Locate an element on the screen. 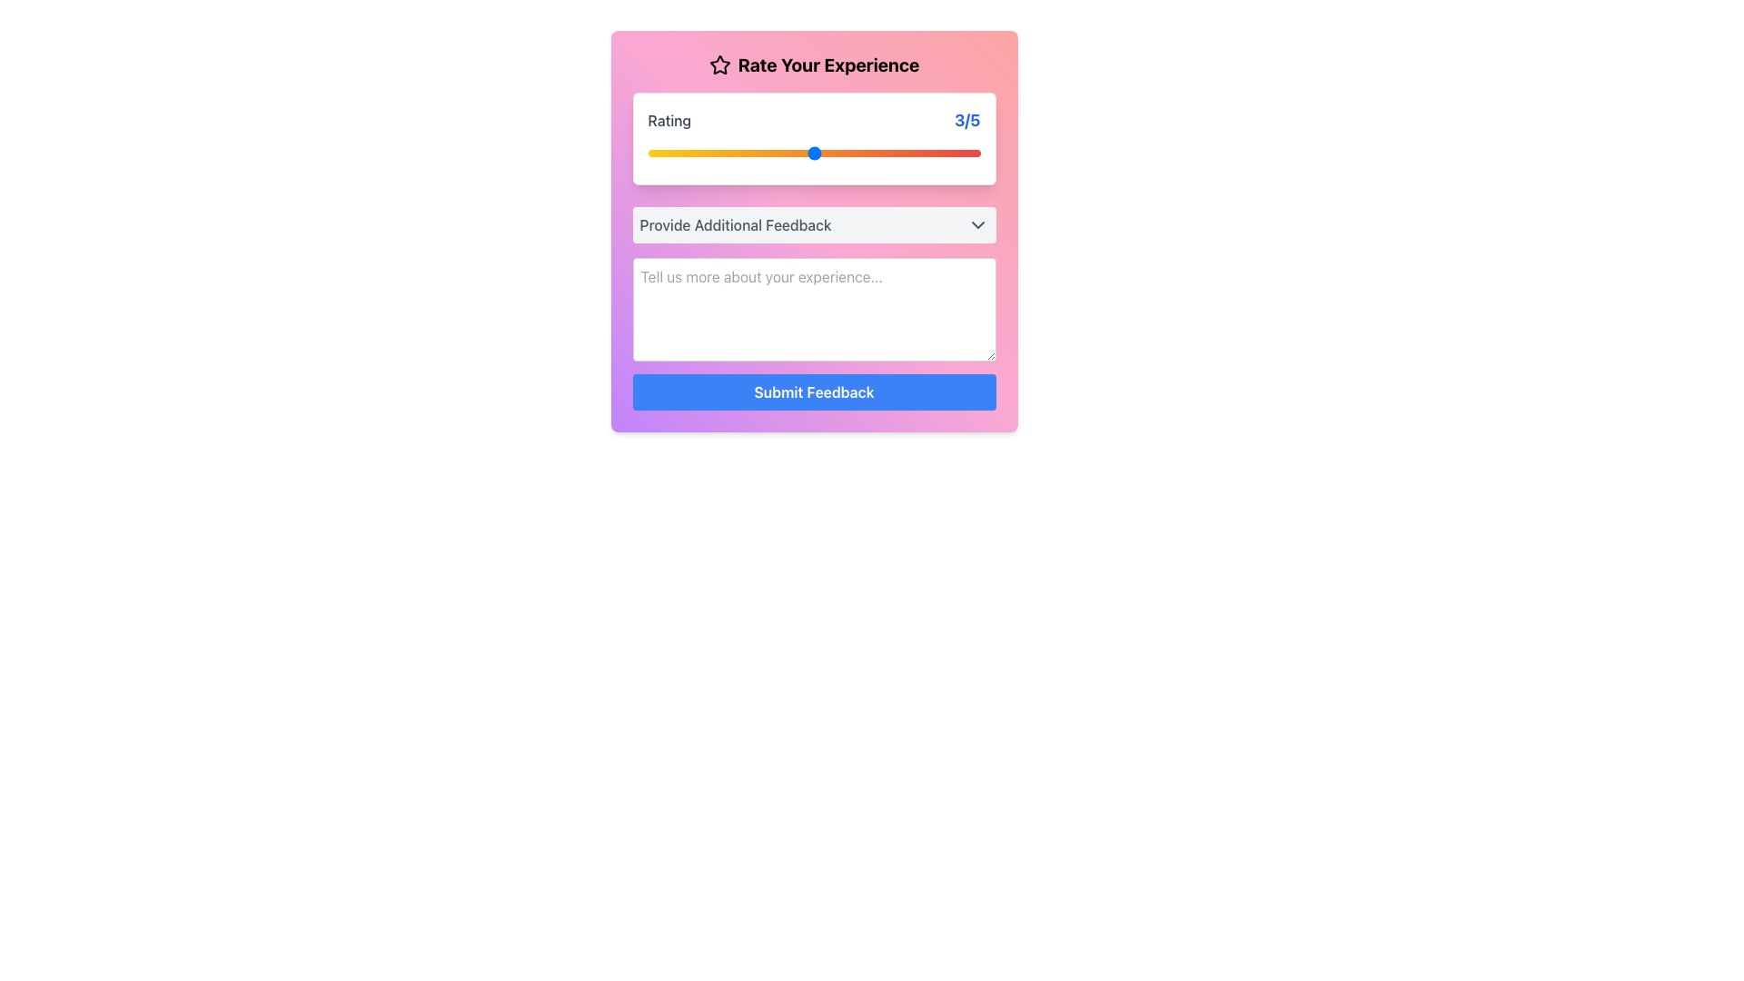 This screenshot has width=1744, height=981. rating slider is located at coordinates (731, 153).